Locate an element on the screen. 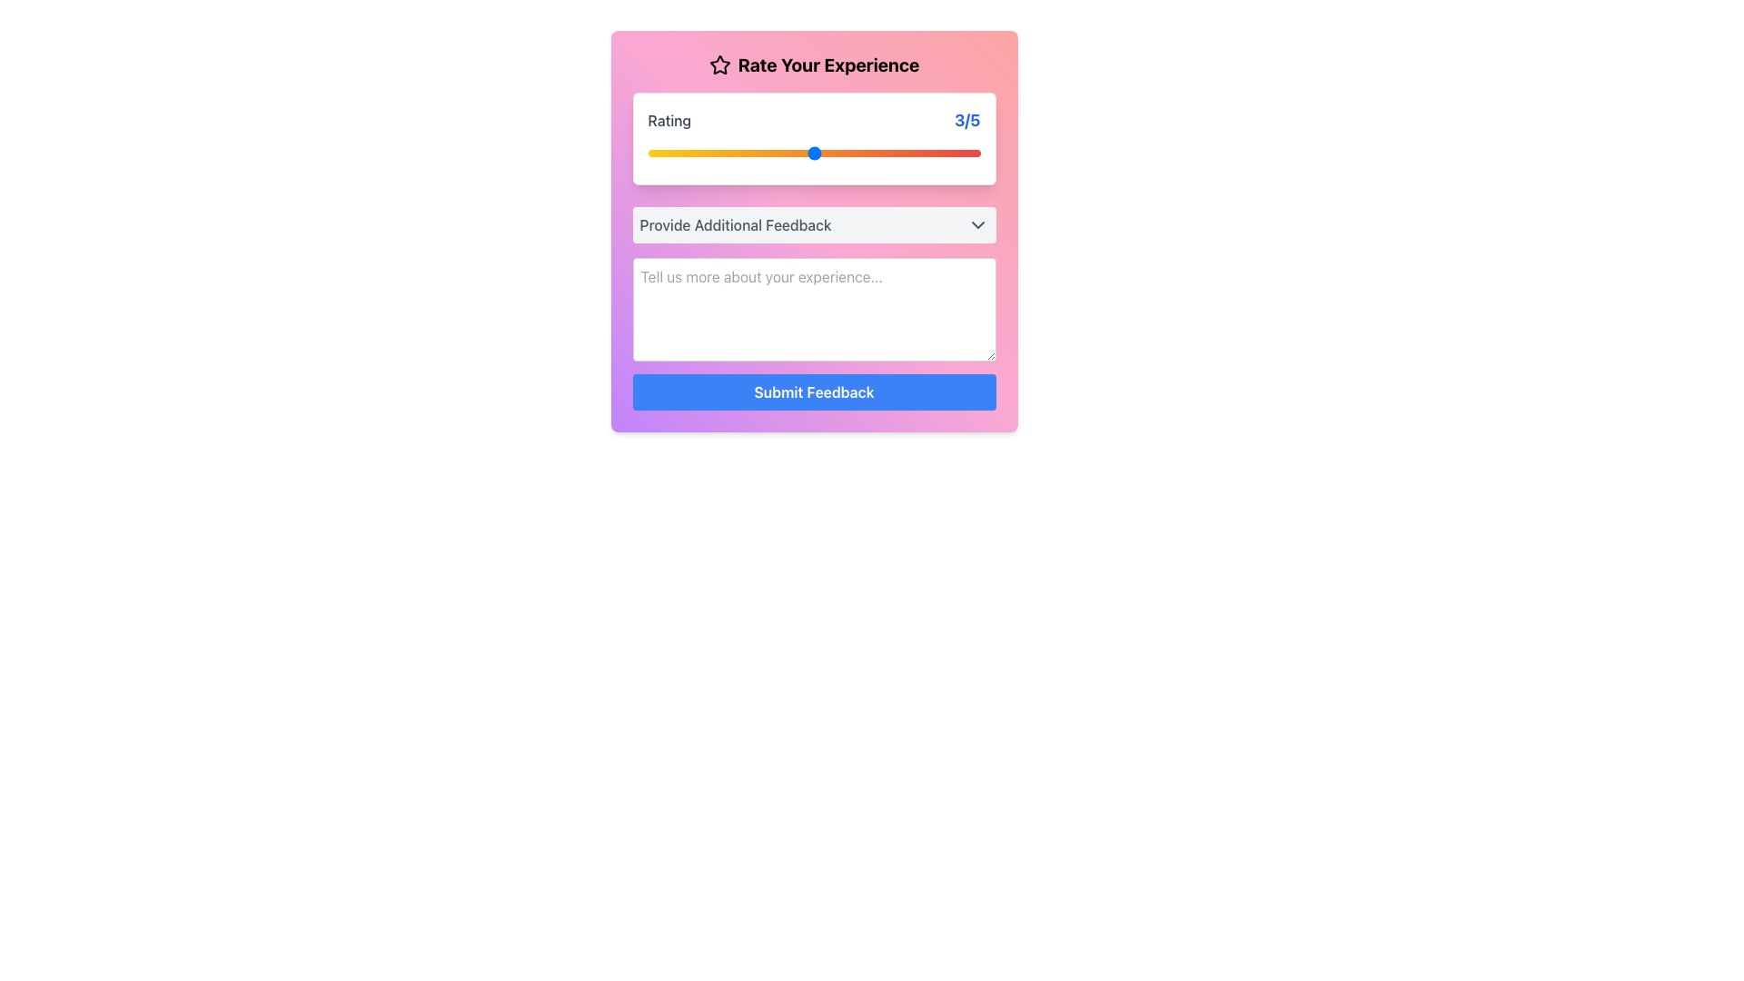 This screenshot has width=1744, height=981. rating slider is located at coordinates (731, 153).